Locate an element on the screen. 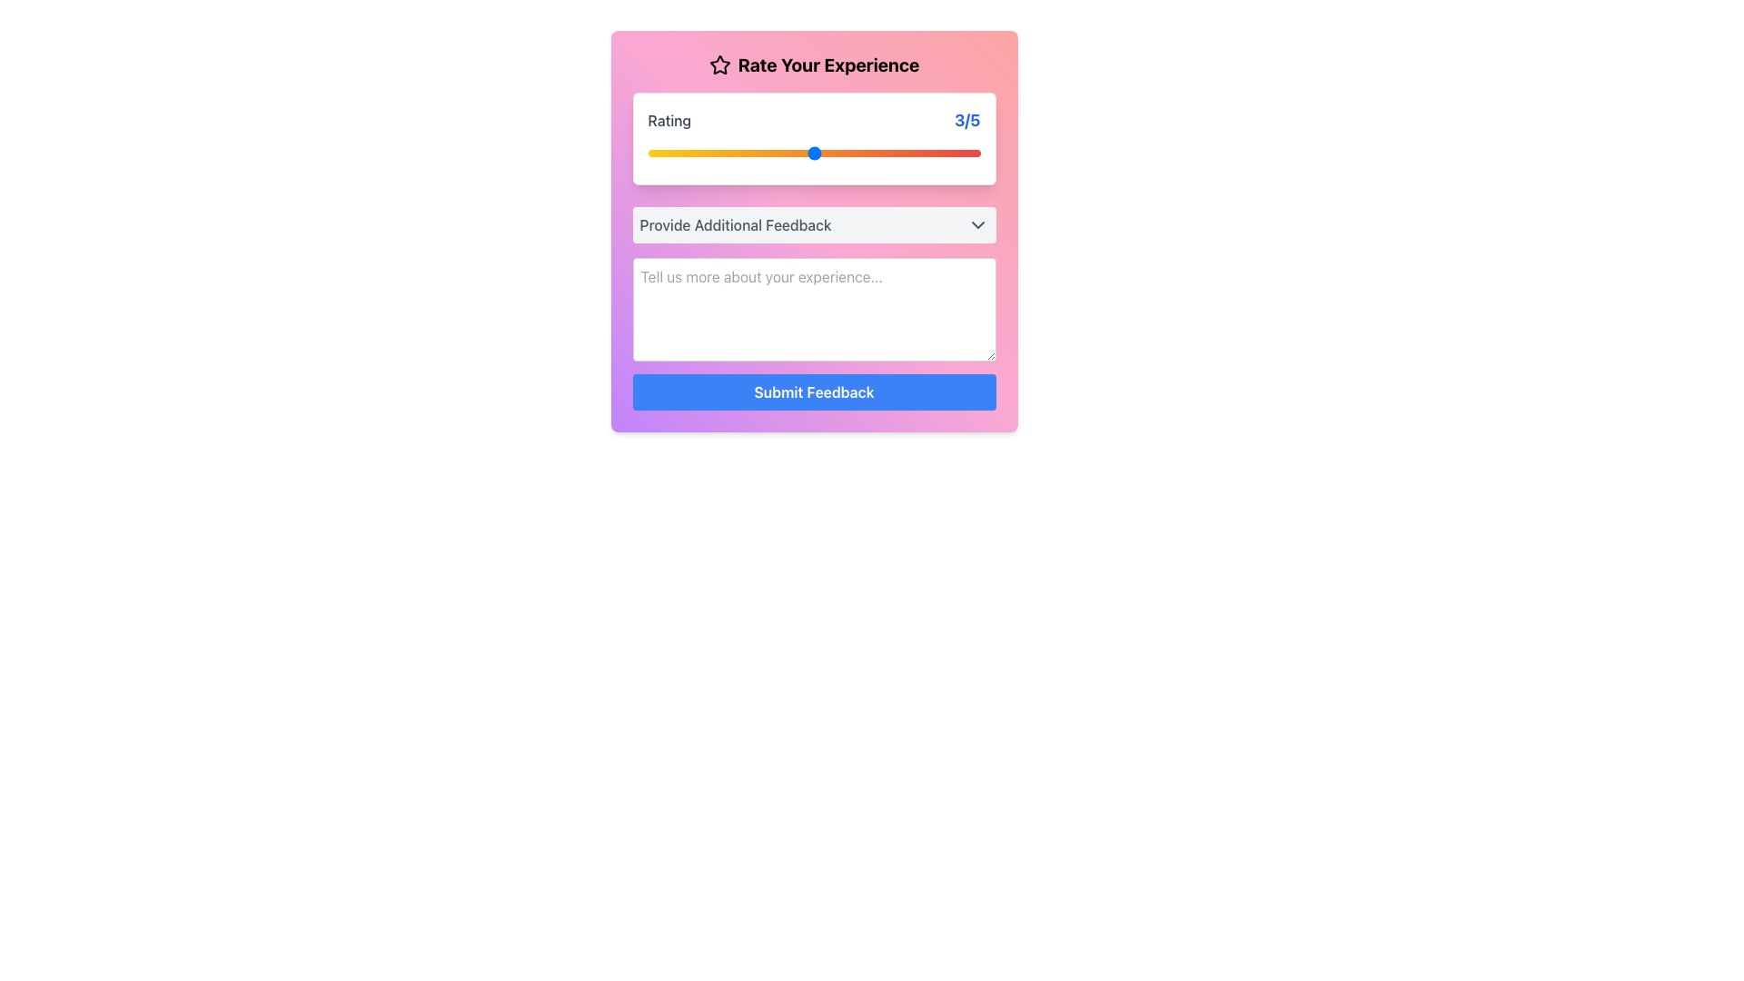 This screenshot has width=1744, height=981. rating slider is located at coordinates (731, 153).